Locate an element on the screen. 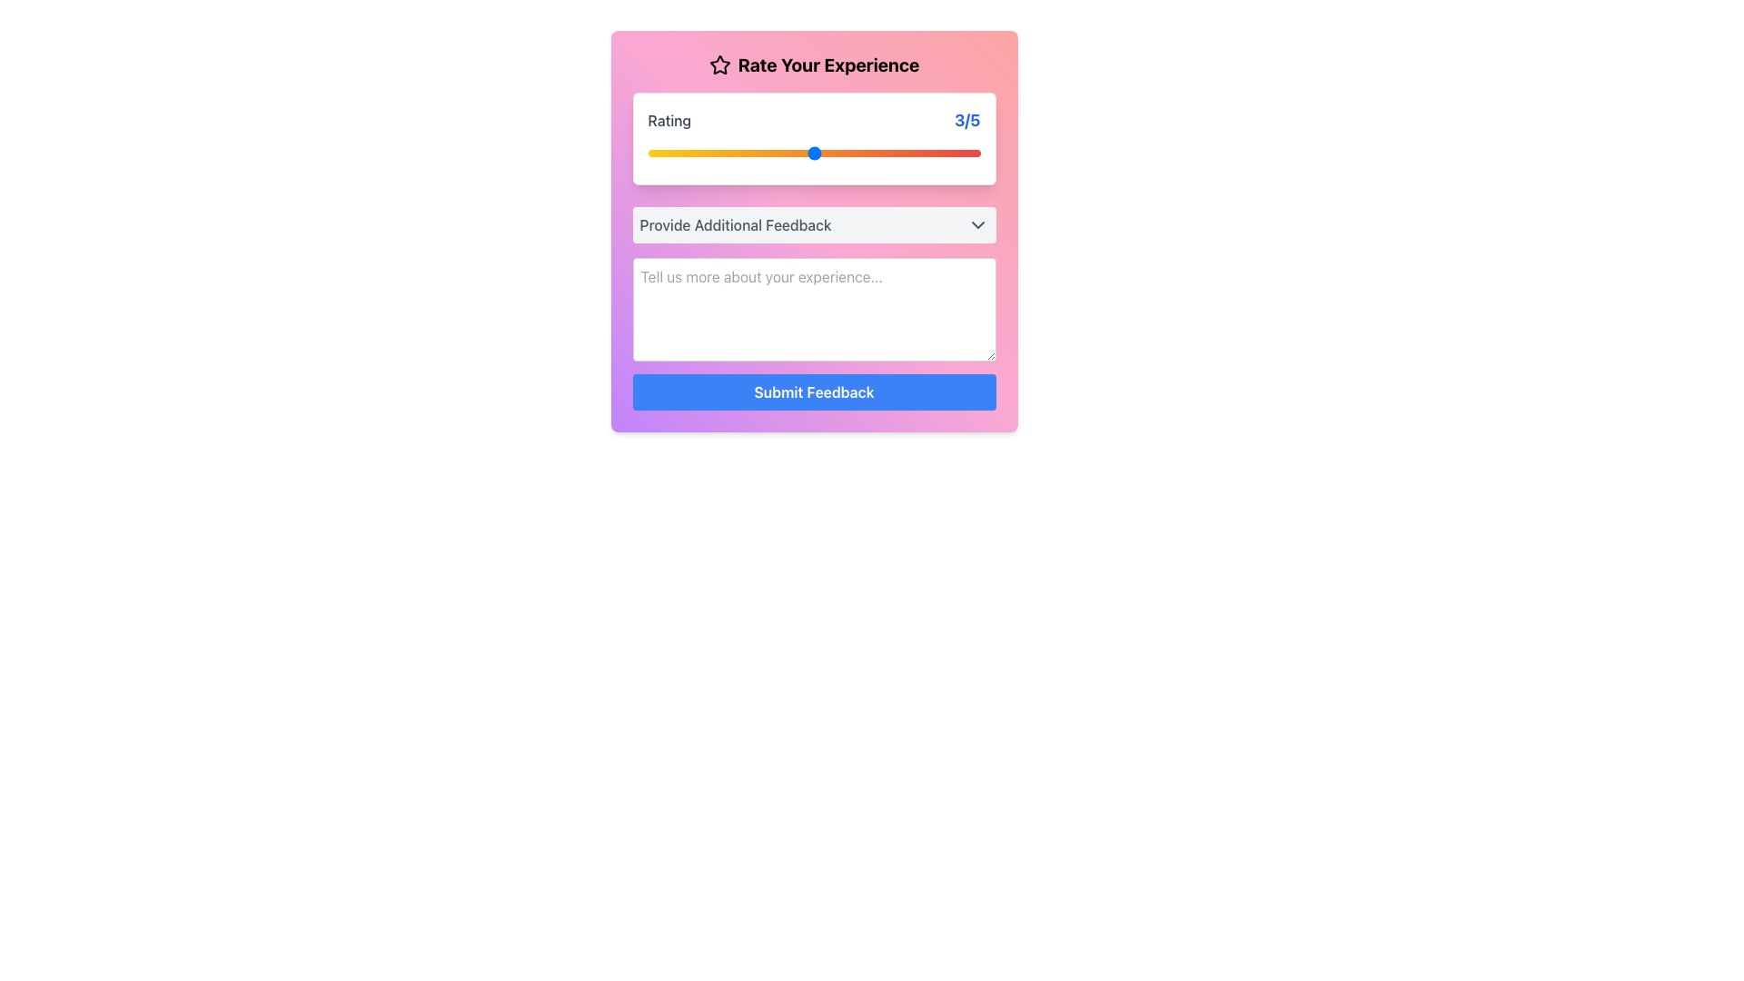 This screenshot has width=1744, height=981. rating slider is located at coordinates (731, 153).